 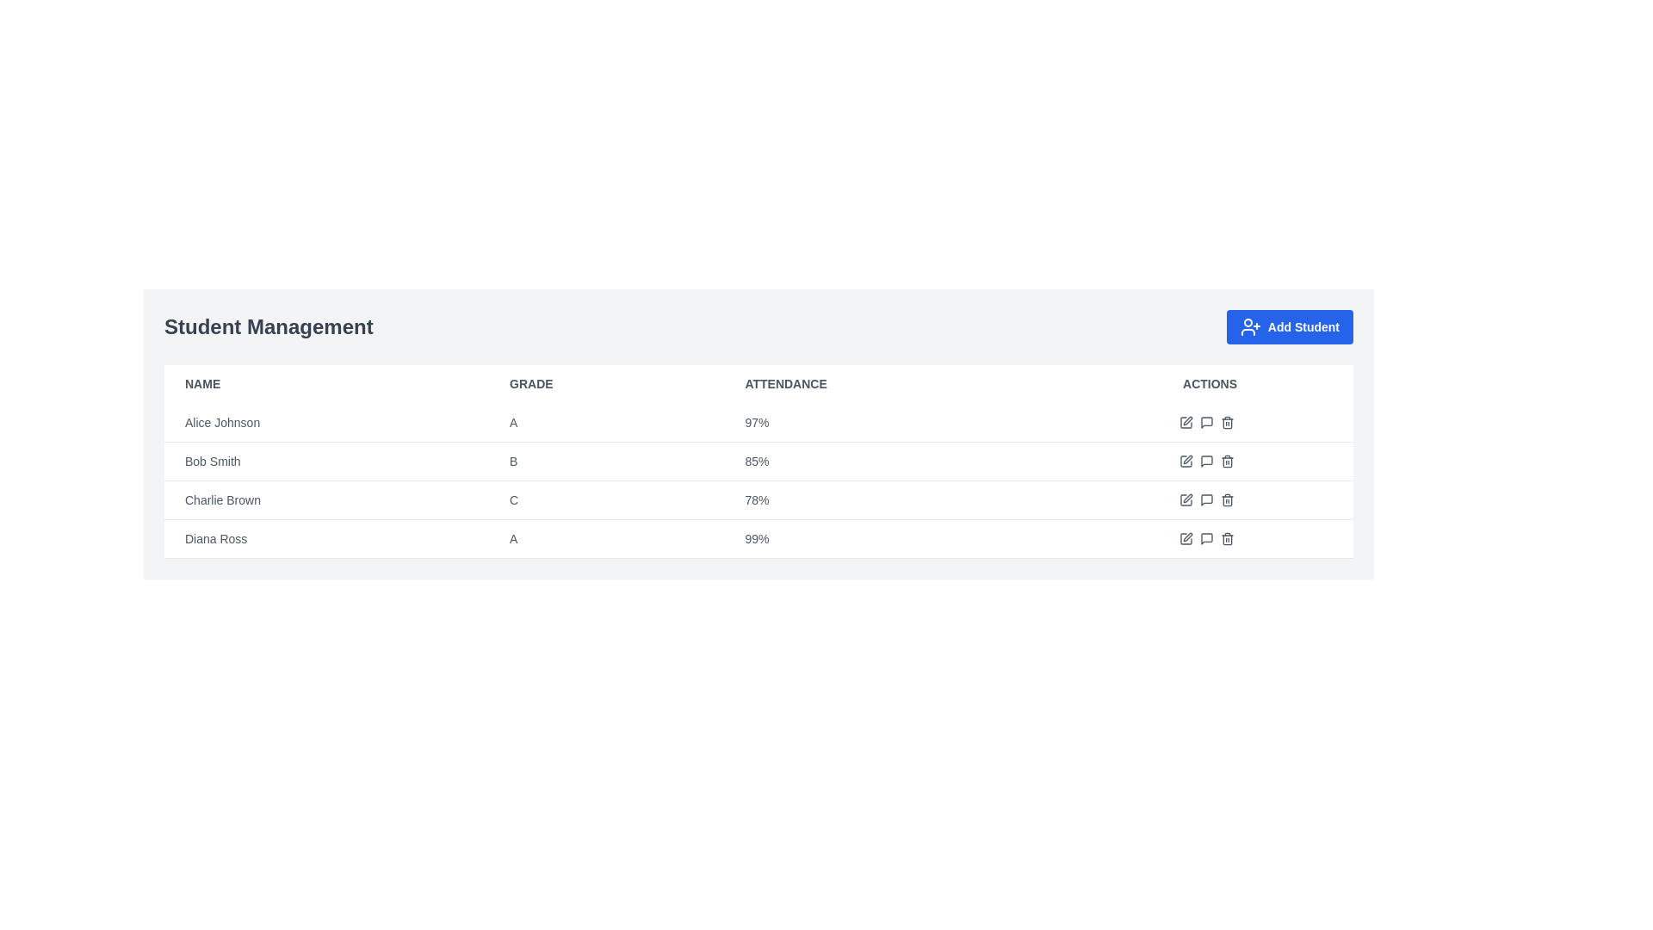 What do you see at coordinates (215, 537) in the screenshot?
I see `the text label displaying 'Diana Ross' located in the fourth row of the 'NAME' column in the table to highlight or select it` at bounding box center [215, 537].